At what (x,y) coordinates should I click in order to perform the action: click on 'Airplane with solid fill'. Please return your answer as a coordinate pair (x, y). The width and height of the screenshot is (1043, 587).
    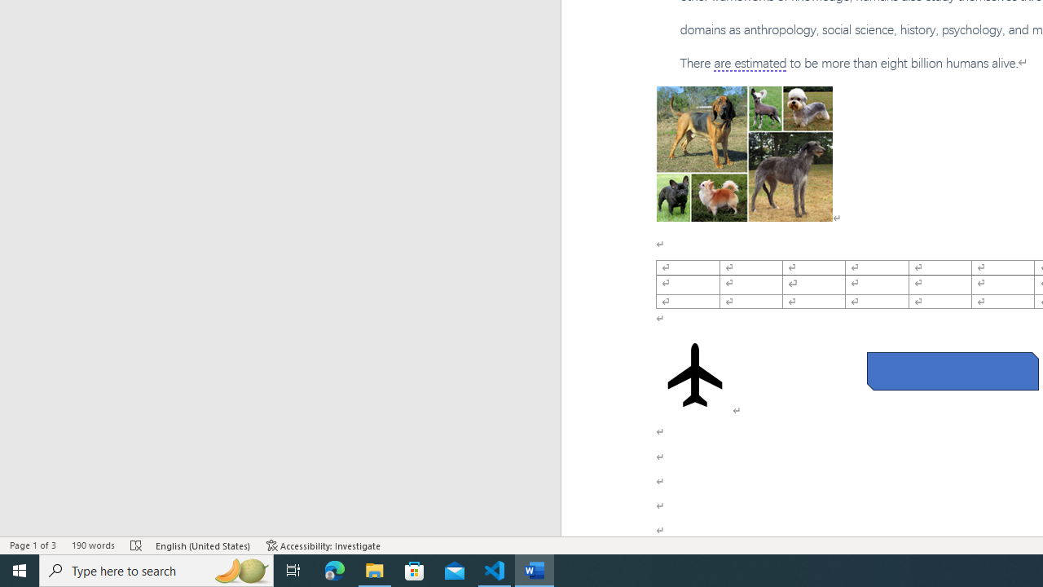
    Looking at the image, I should click on (695, 375).